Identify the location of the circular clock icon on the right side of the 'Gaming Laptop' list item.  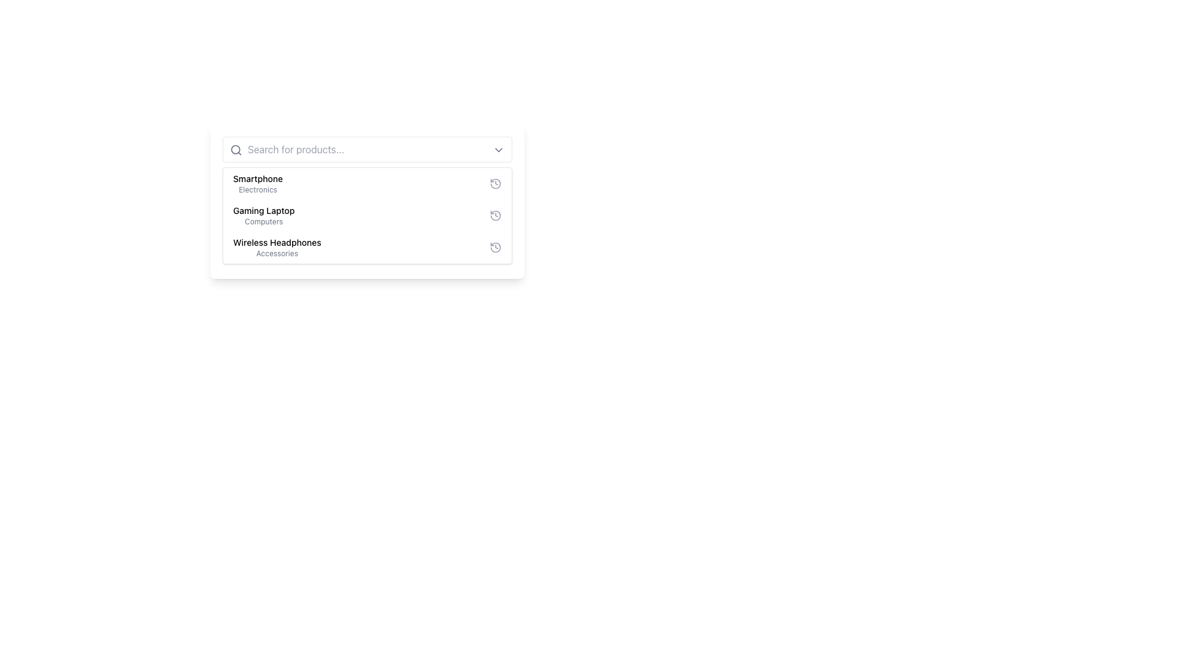
(495, 215).